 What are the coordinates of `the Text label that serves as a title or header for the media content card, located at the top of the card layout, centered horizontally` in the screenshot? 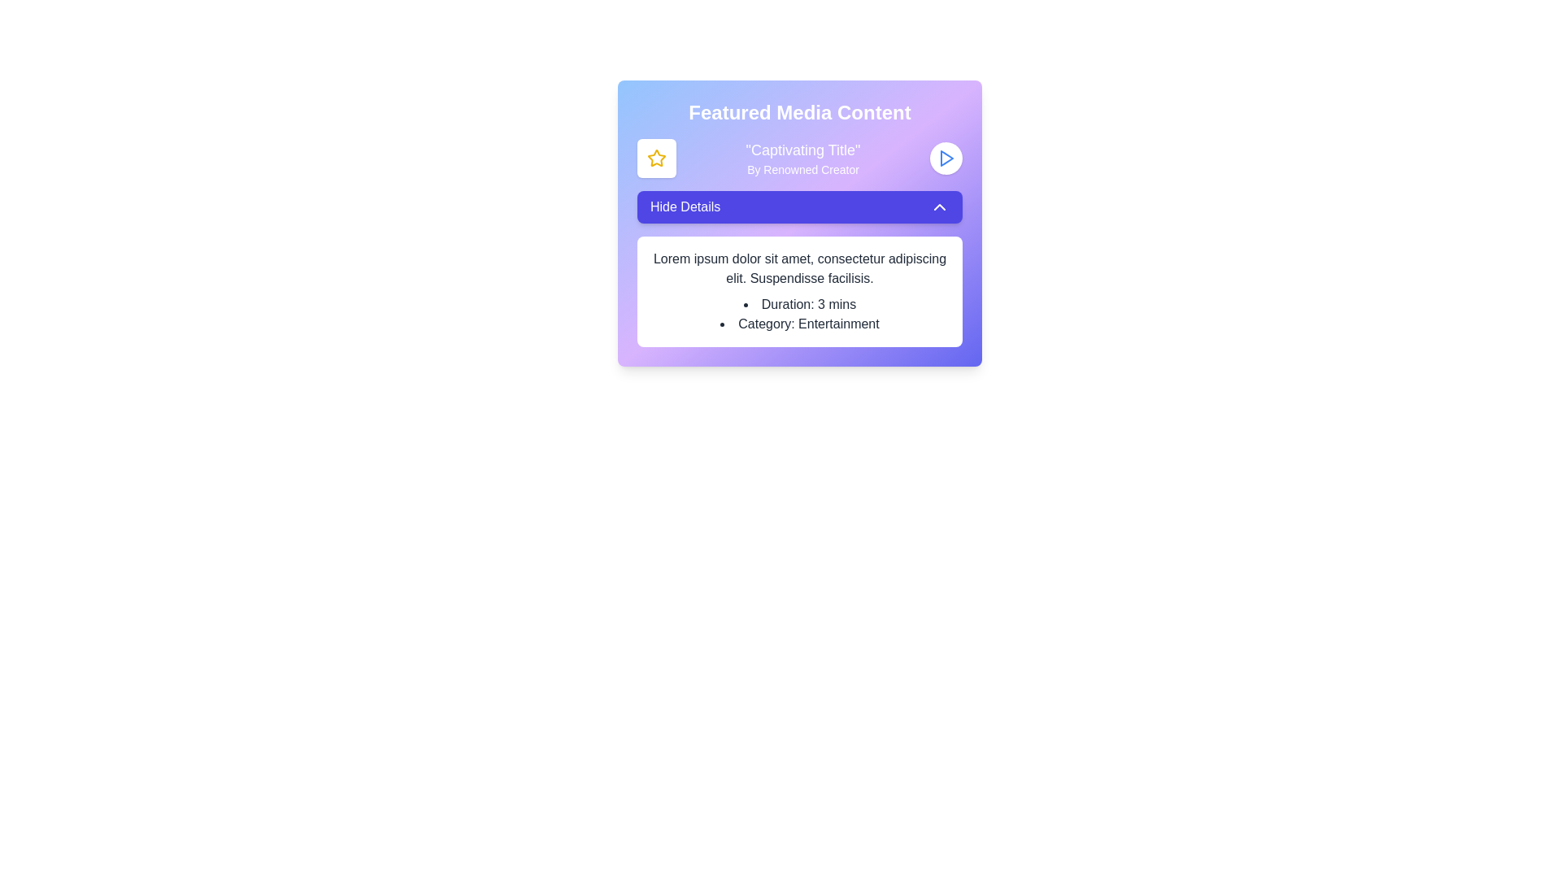 It's located at (799, 111).